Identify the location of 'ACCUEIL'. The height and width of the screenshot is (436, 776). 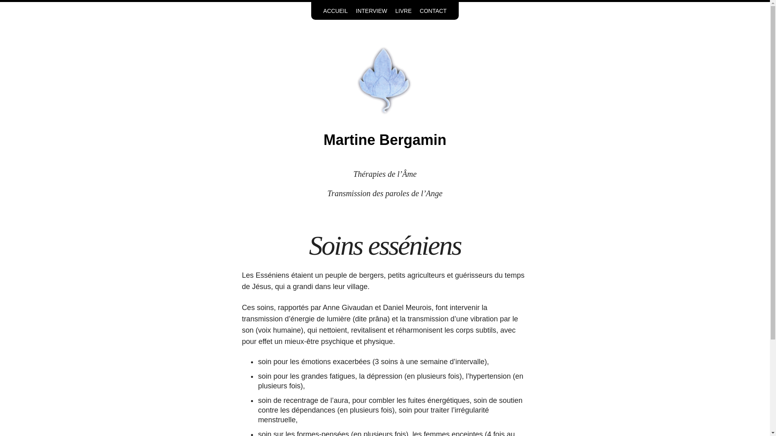
(335, 11).